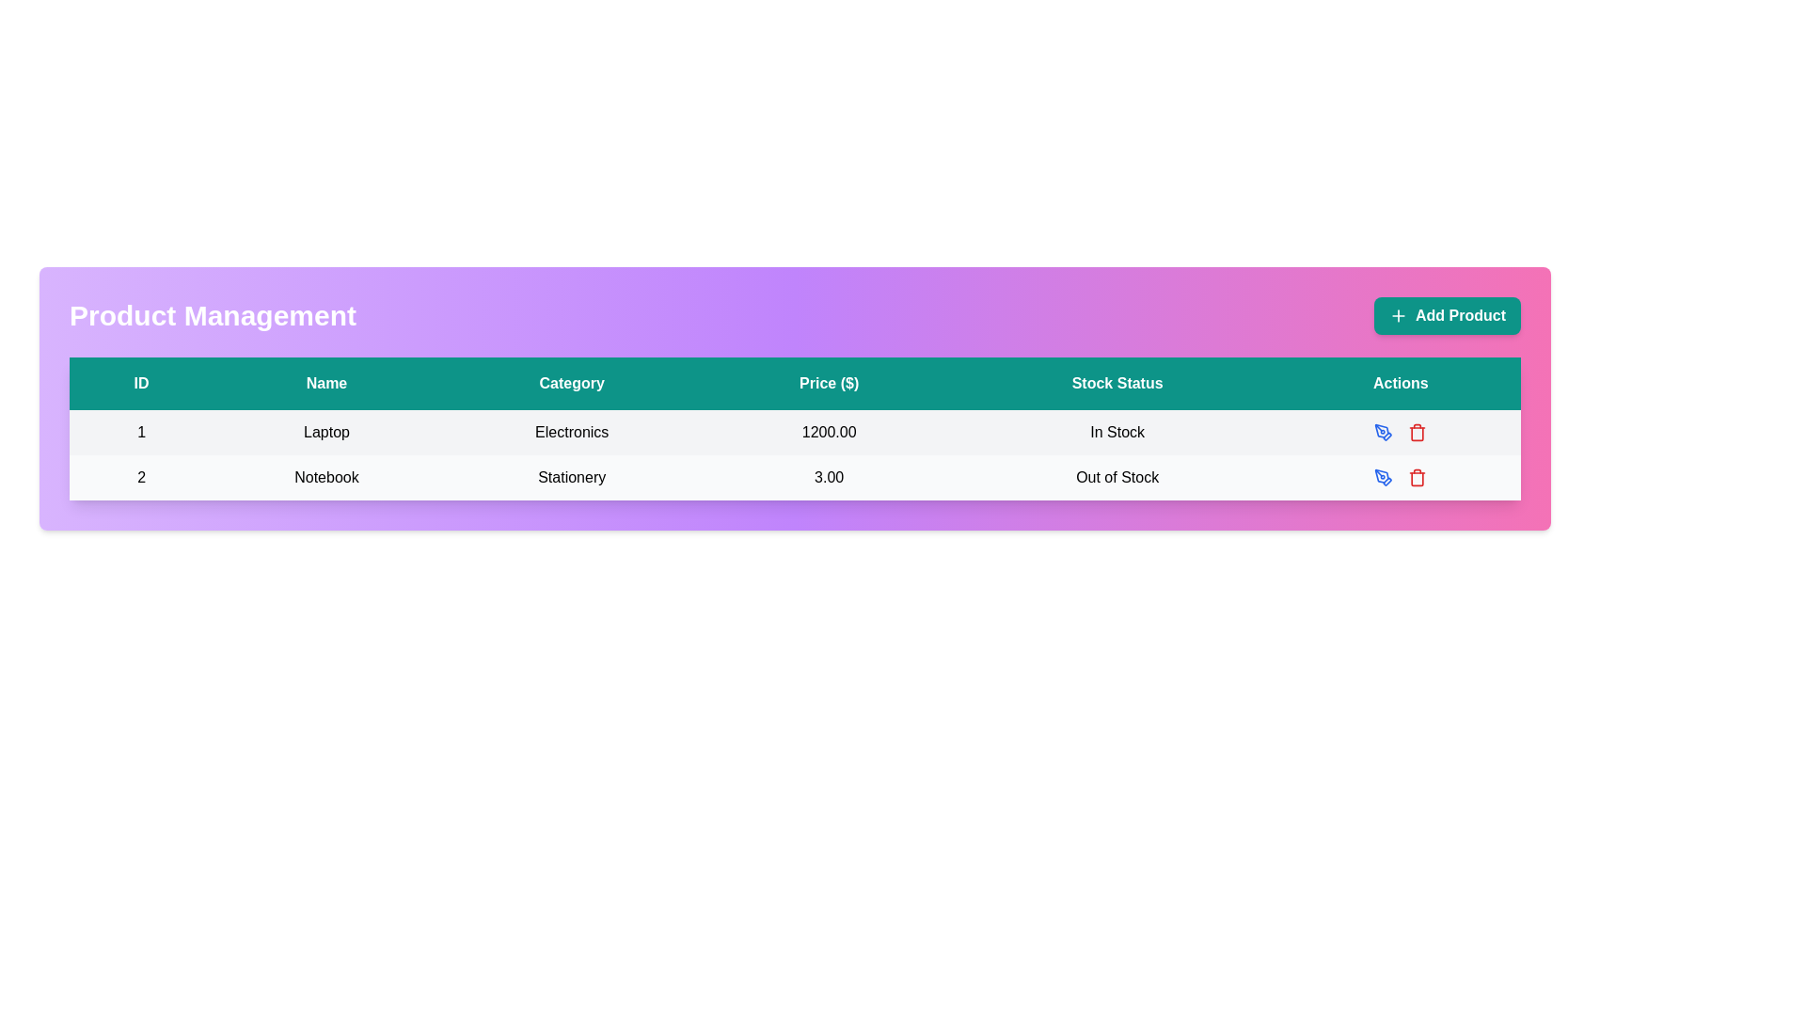  Describe the element at coordinates (1384, 432) in the screenshot. I see `the edit button located in the 'Actions' column of the second row in the product management table to modify the product details` at that location.